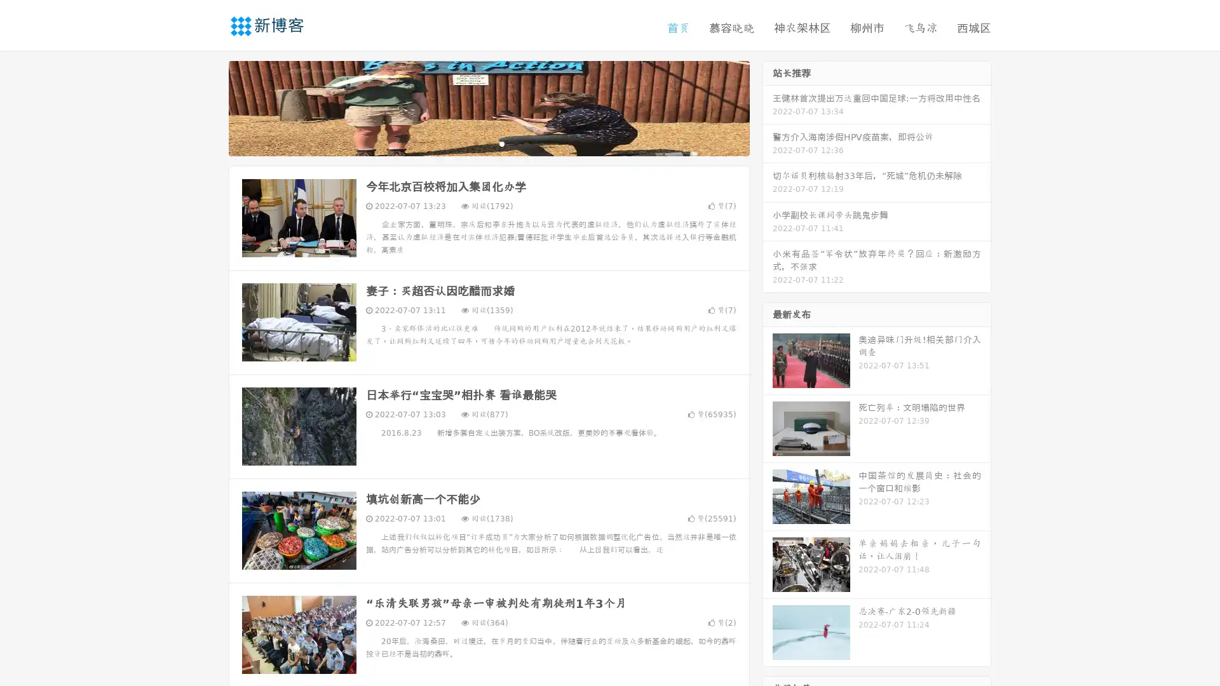 The width and height of the screenshot is (1220, 686). I want to click on Go to slide 3, so click(501, 143).